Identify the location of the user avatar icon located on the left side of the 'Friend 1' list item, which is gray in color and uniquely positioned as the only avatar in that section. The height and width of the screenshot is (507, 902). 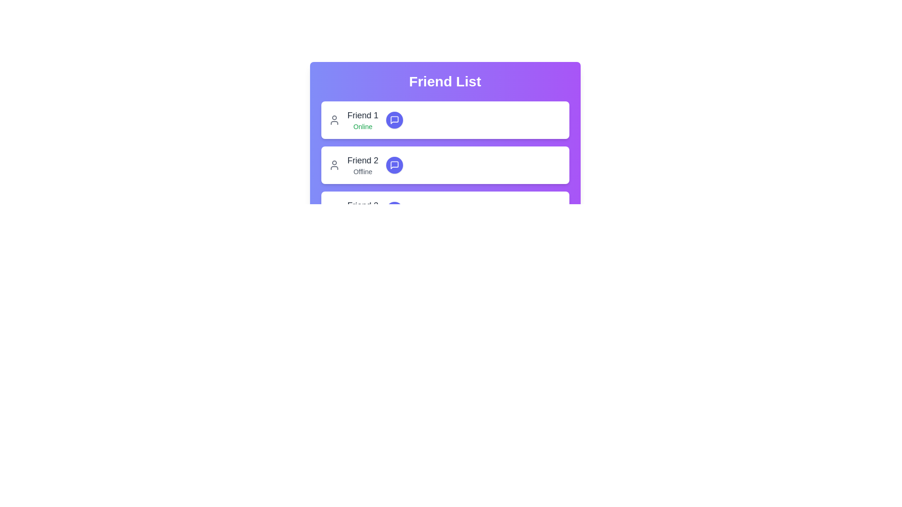
(334, 119).